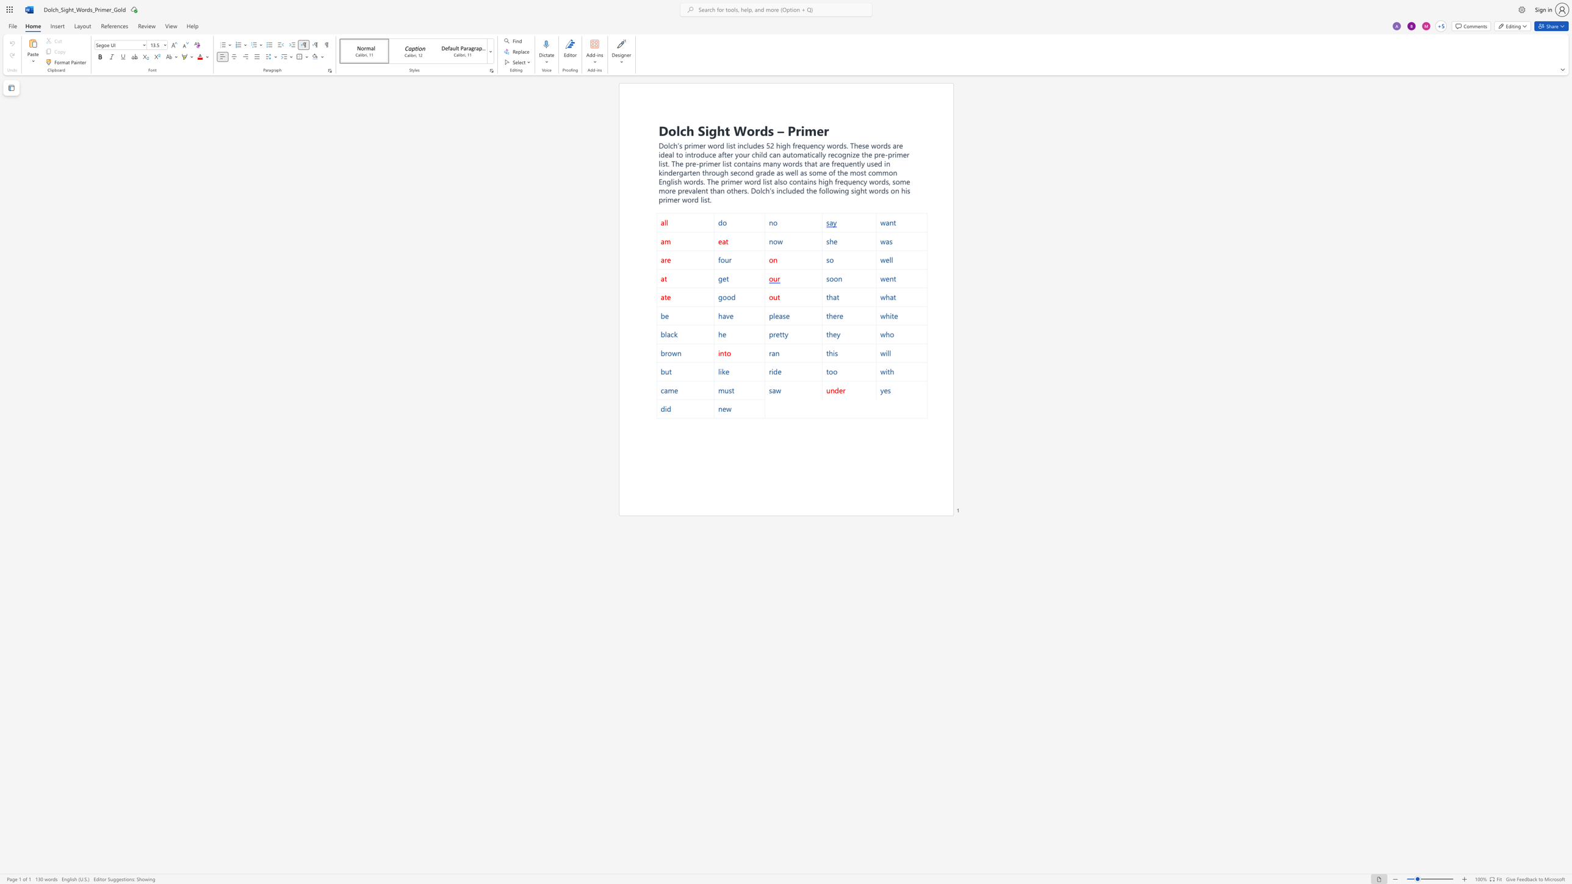 The height and width of the screenshot is (884, 1572). I want to click on the 7th character "s" in the text, so click(908, 190).